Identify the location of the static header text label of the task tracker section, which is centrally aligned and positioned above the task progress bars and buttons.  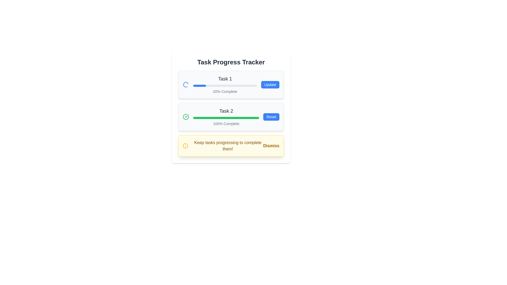
(231, 62).